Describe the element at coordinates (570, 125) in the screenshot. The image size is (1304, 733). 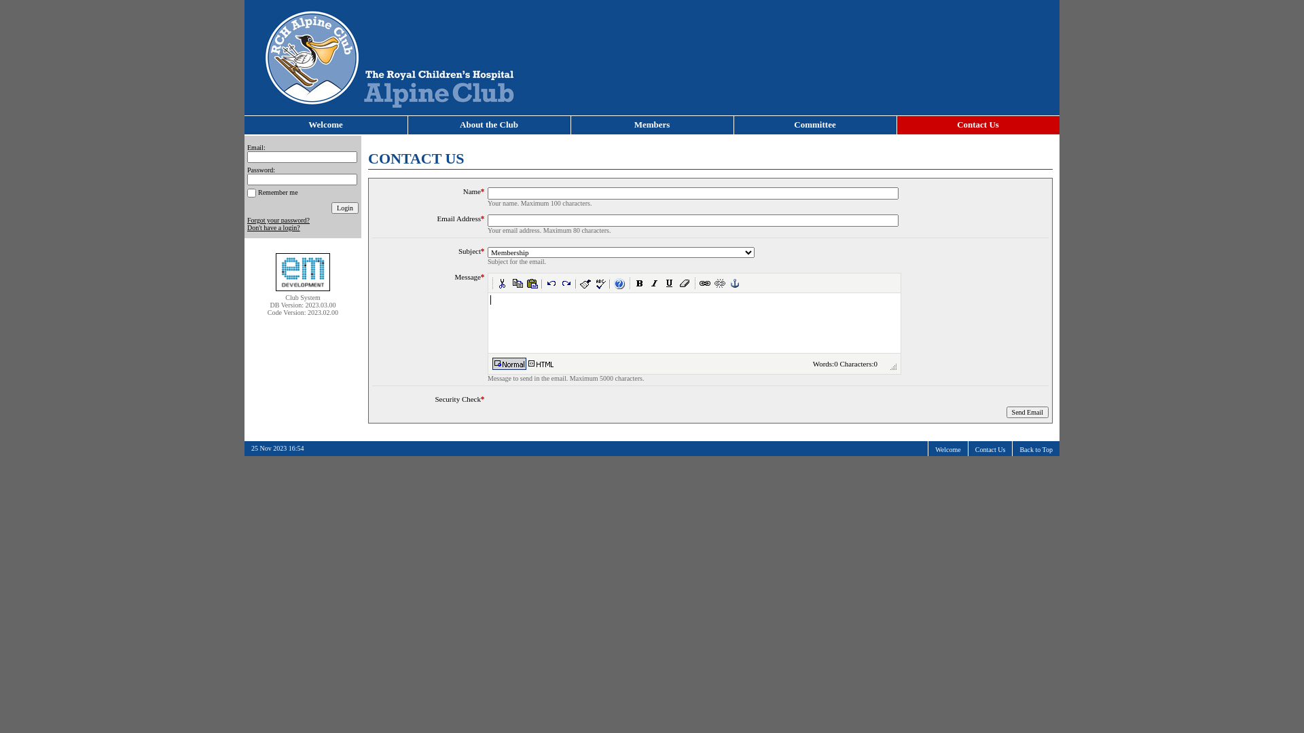
I see `'Members'` at that location.